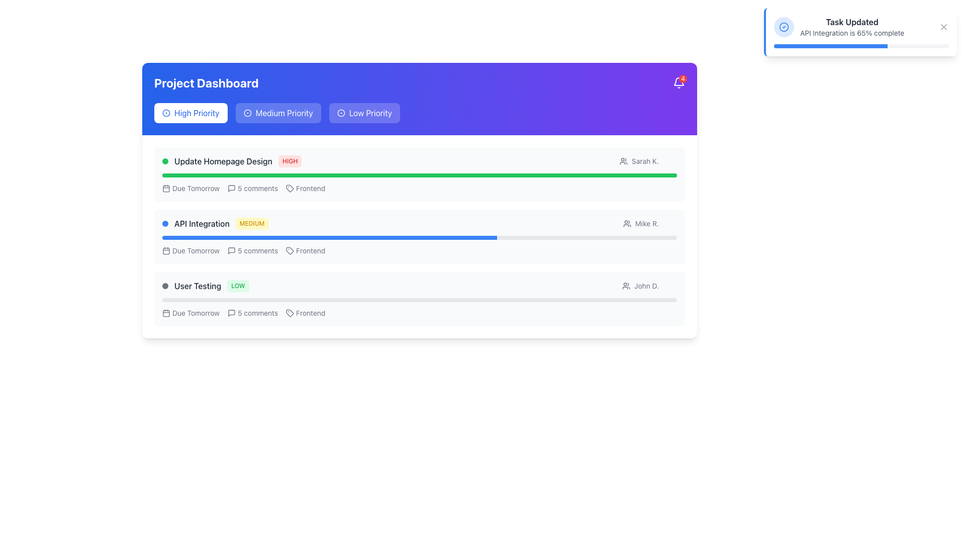 This screenshot has height=543, width=965. What do you see at coordinates (646, 223) in the screenshot?
I see `the text label indicating the assignee for the 'API Integration' task` at bounding box center [646, 223].